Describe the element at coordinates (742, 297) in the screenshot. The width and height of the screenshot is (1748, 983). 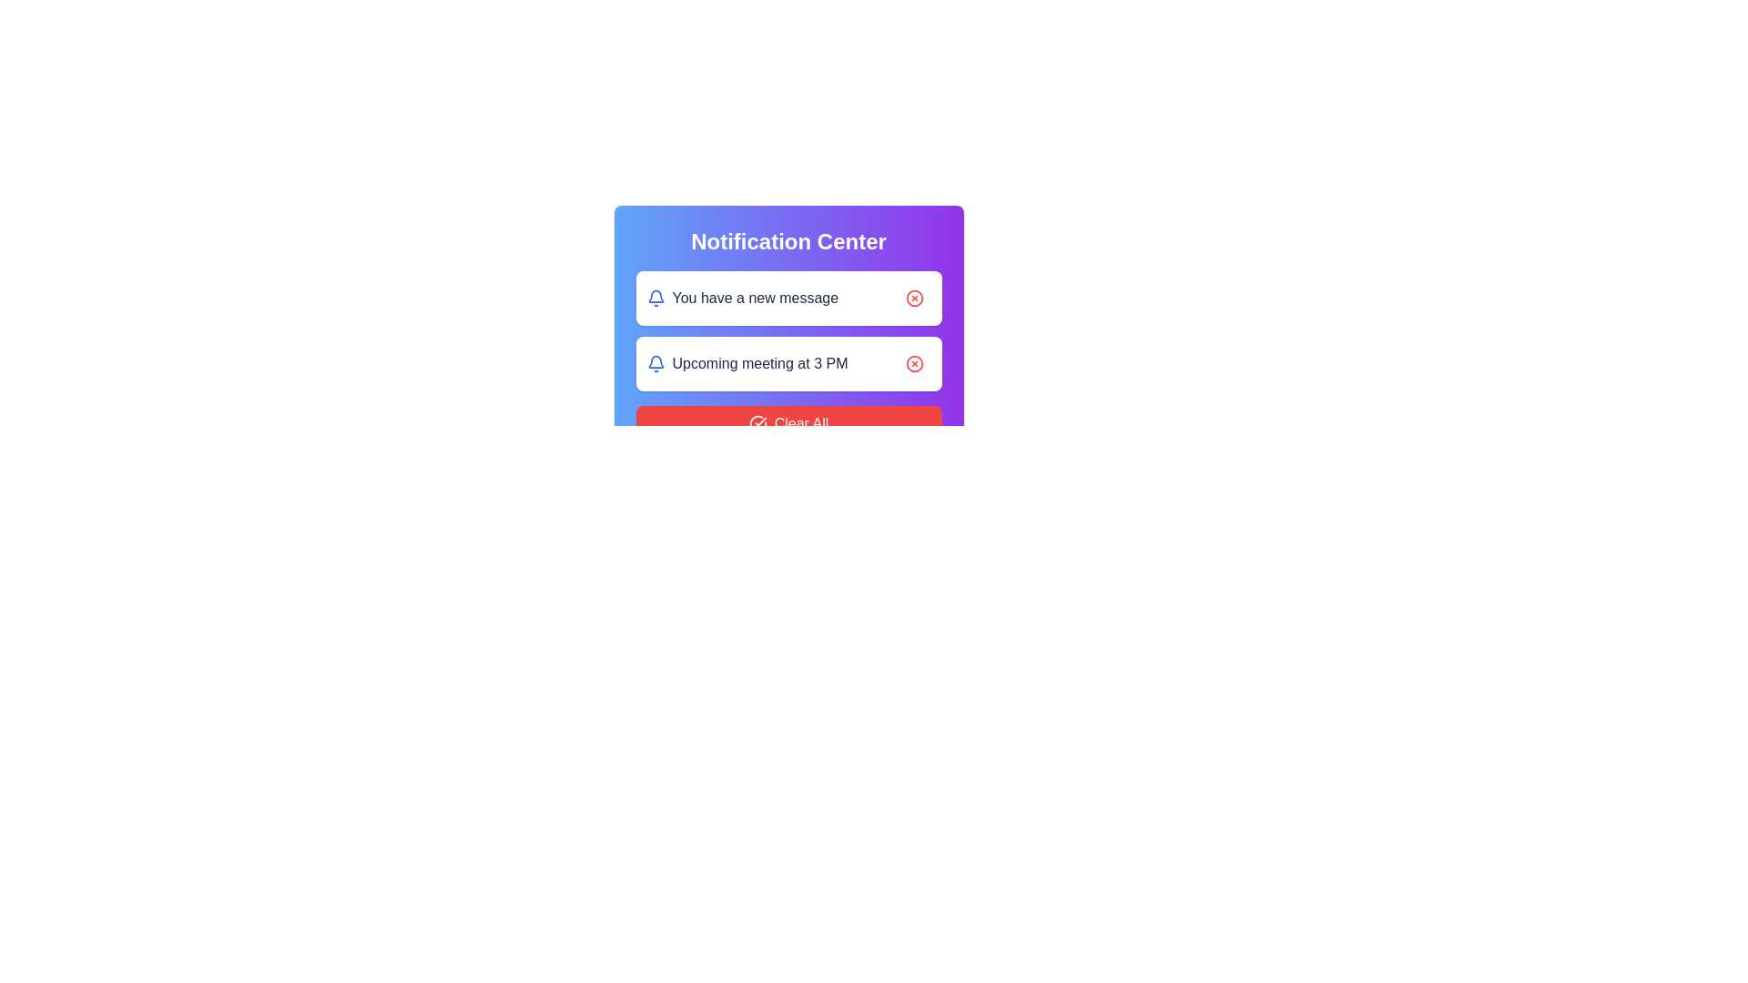
I see `the Notification label that displays 'You have a new message' to read the message text` at that location.